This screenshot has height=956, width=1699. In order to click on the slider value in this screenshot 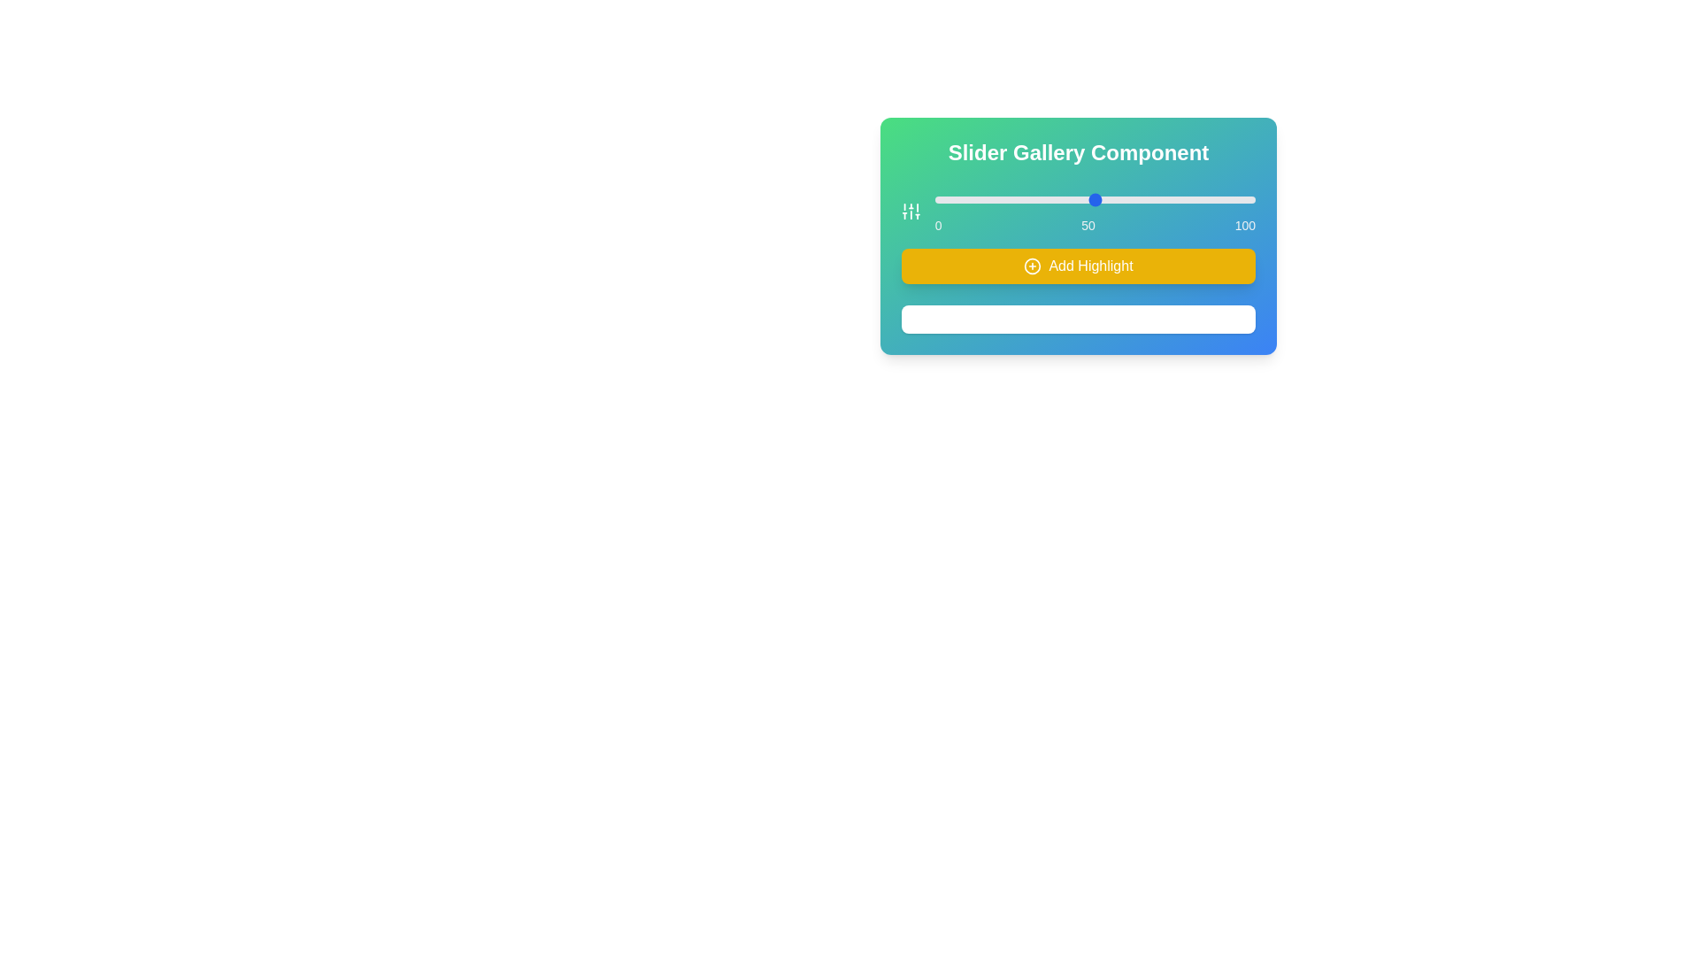, I will do `click(949, 199)`.